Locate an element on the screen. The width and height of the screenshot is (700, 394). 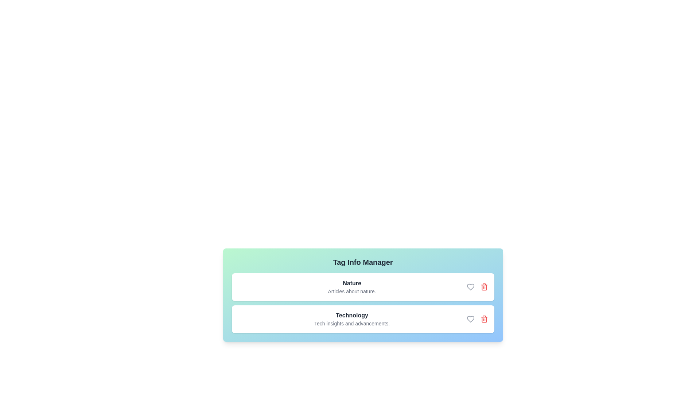
the heart icon corresponding to the tag labeled Technology to toggle its 'like' status is located at coordinates (470, 319).